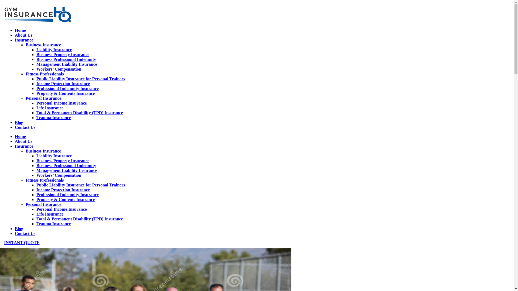 The height and width of the screenshot is (291, 518). Describe the element at coordinates (19, 228) in the screenshot. I see `'Blog'` at that location.